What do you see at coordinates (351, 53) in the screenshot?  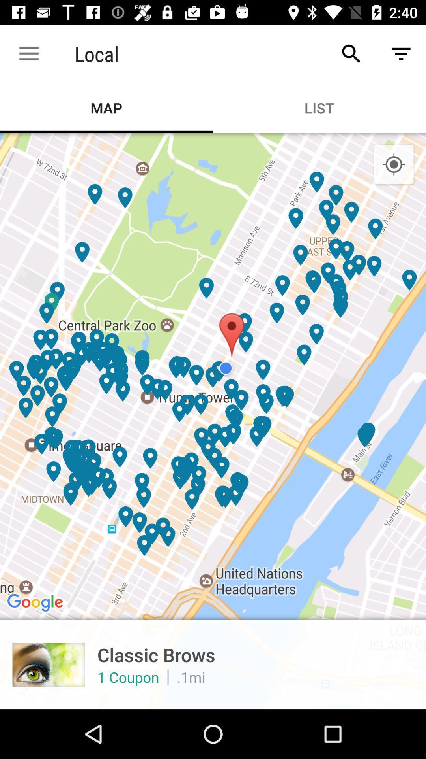 I see `the app next to local icon` at bounding box center [351, 53].